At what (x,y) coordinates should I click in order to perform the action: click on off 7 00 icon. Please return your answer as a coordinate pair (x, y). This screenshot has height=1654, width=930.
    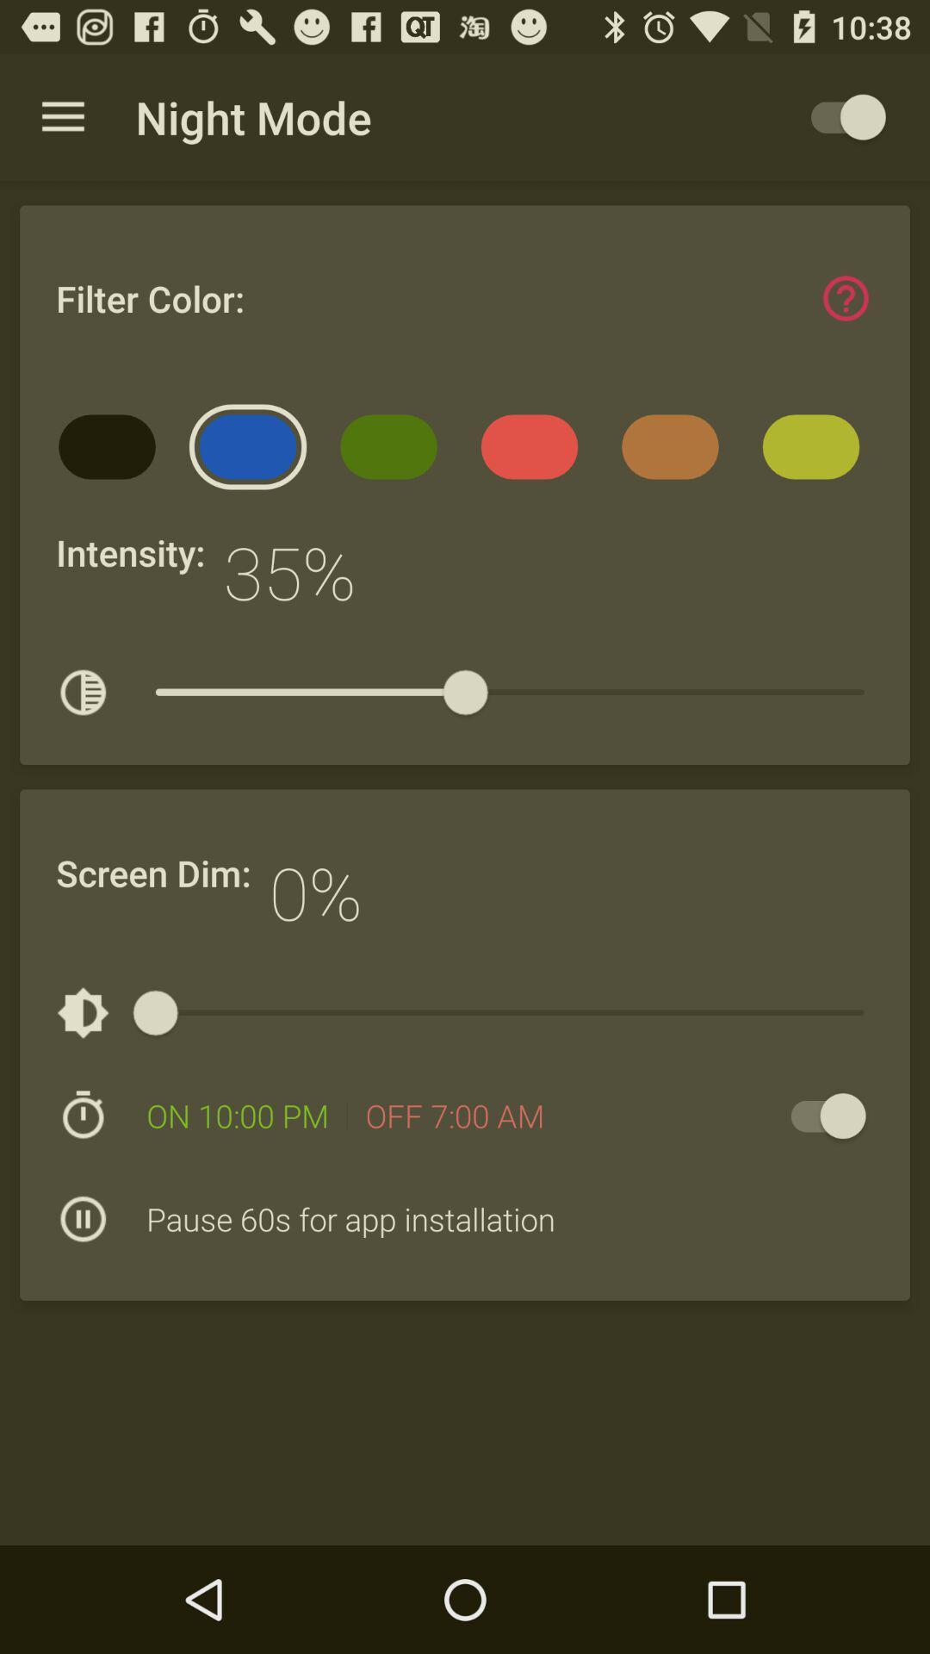
    Looking at the image, I should click on (454, 1116).